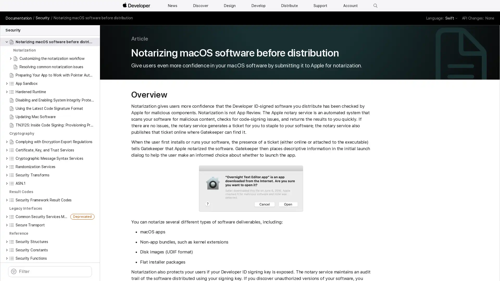 This screenshot has height=281, width=500. I want to click on Notarizing macOS software before distribution, so click(6, 45).